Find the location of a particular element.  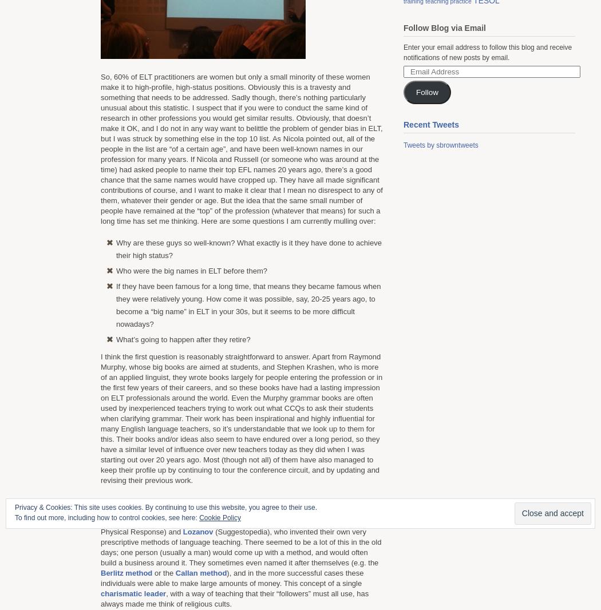

'(Silent Way),' is located at coordinates (313, 521).